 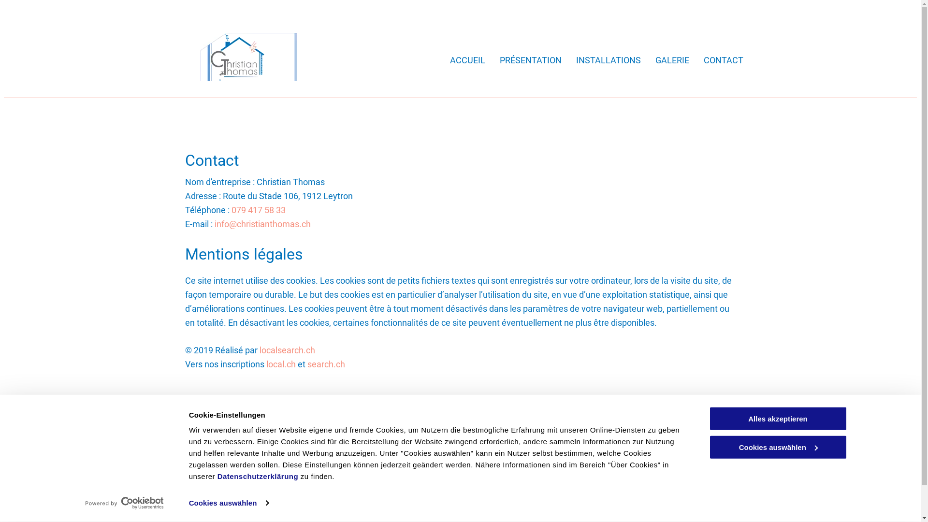 I want to click on '079 417 58 33', so click(x=231, y=209).